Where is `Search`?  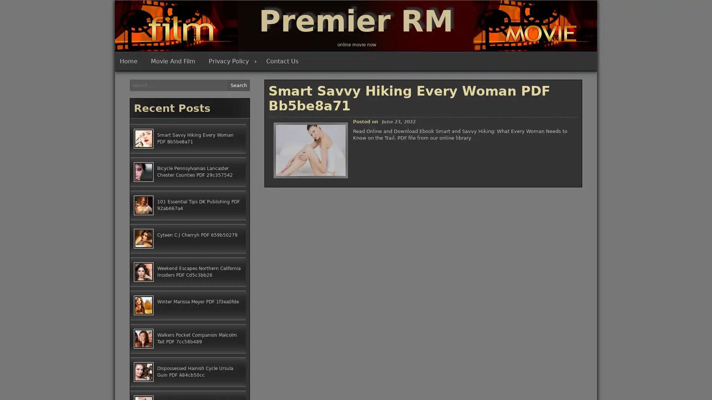
Search is located at coordinates (238, 85).